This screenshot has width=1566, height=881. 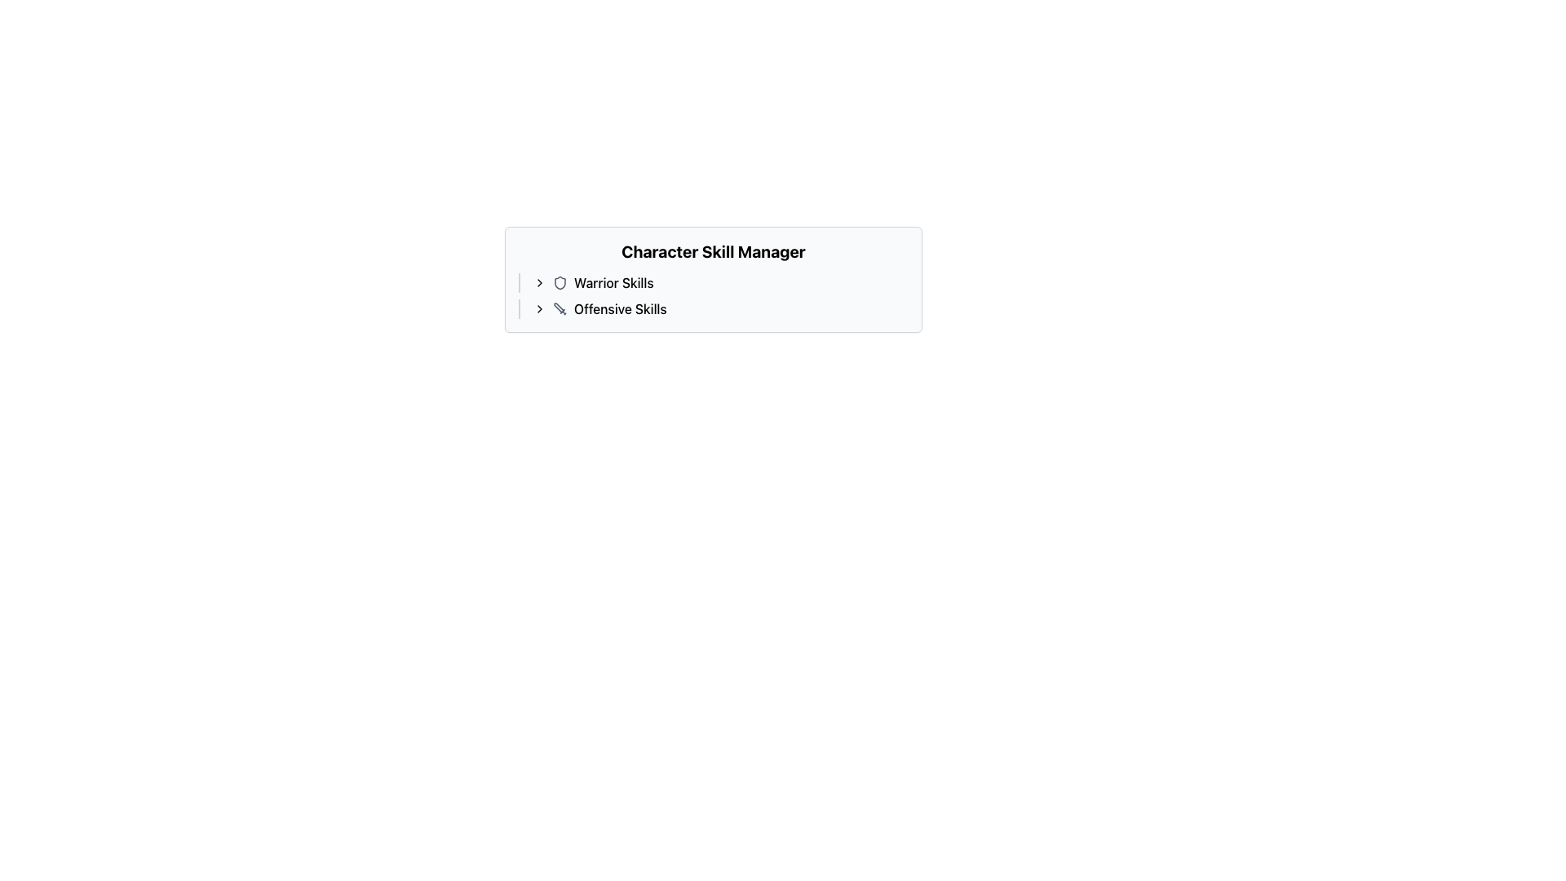 I want to click on the bold, extra large text label displaying 'Character Skill Manager', which is positioned at the top of the character skills section, so click(x=713, y=251).